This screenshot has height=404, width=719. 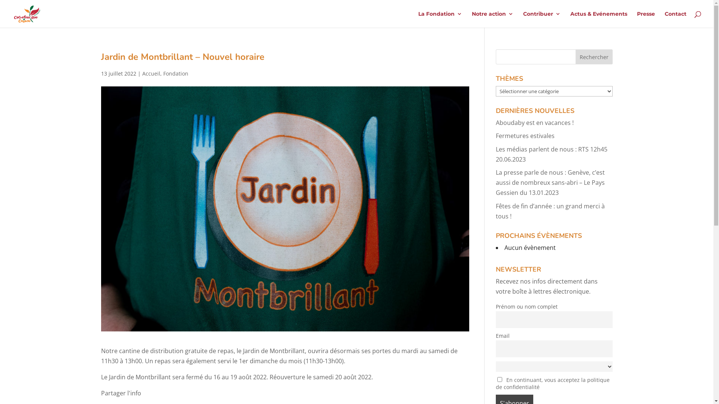 What do you see at coordinates (418, 19) in the screenshot?
I see `'La Fondation'` at bounding box center [418, 19].